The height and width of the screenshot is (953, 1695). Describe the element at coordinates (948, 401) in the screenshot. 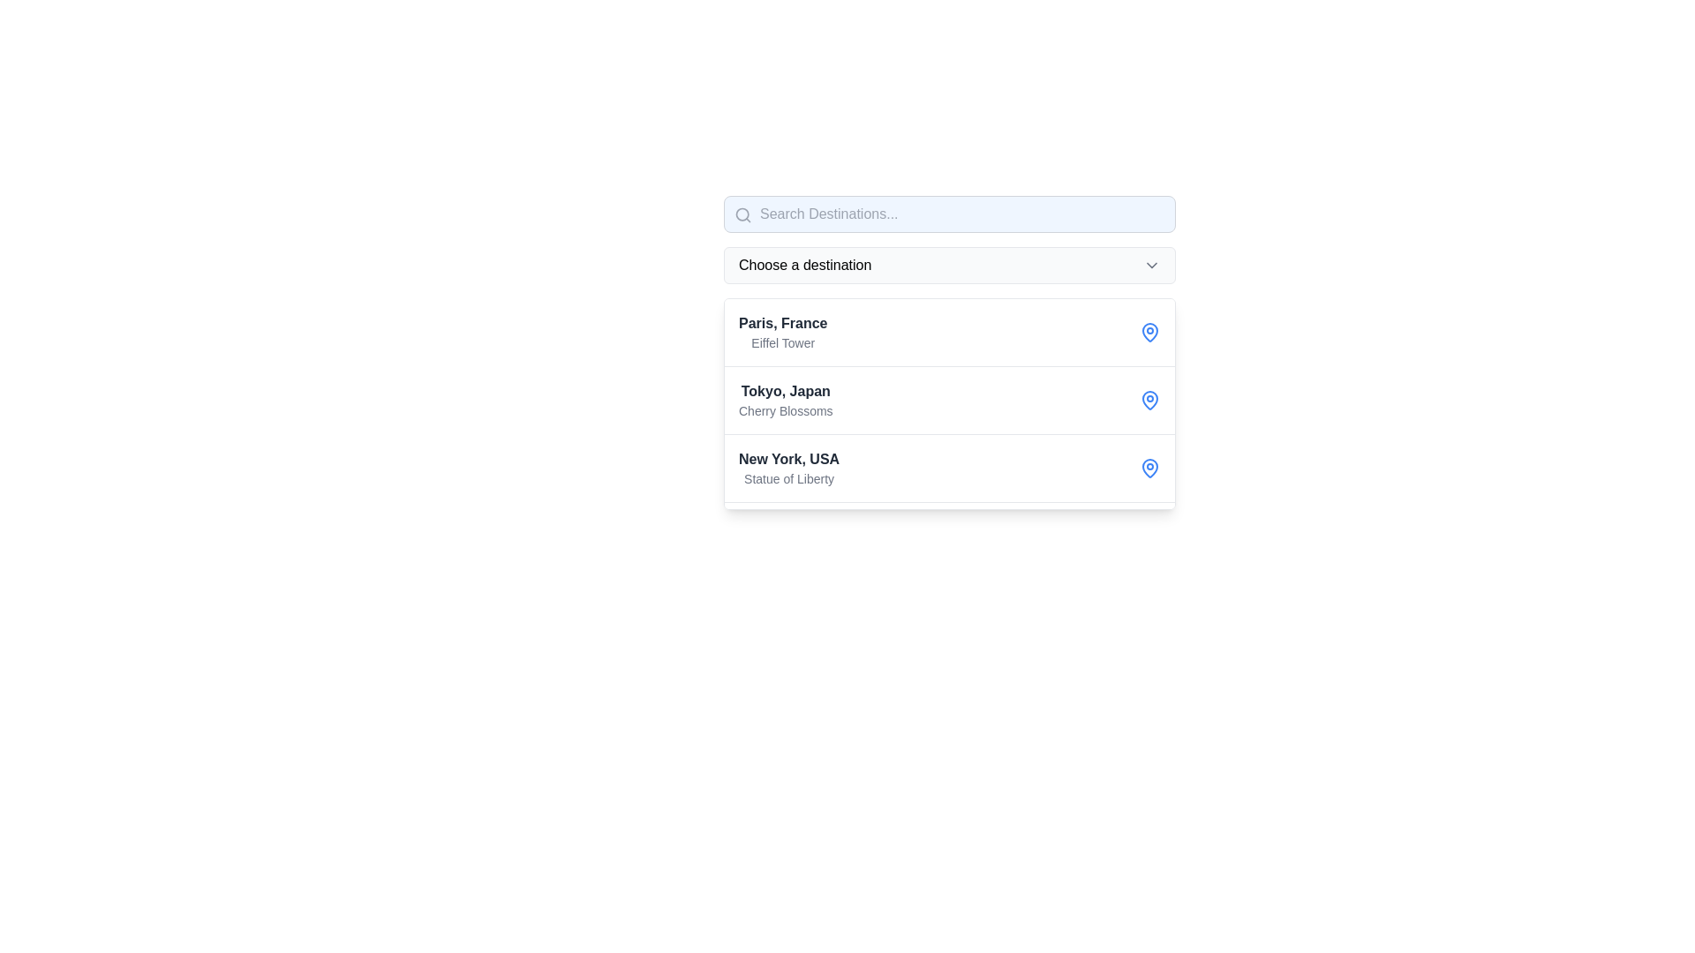

I see `the dropdown list item displaying 'Tokyo, Japan' and 'Cherry Blossoms'` at that location.